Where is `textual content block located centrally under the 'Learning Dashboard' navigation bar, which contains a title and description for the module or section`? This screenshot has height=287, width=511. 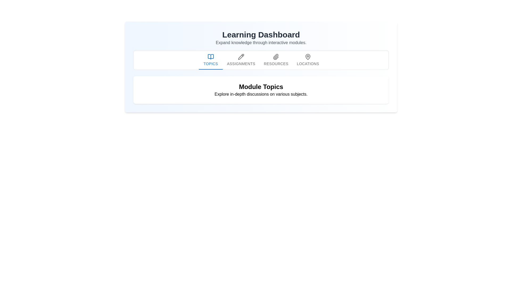
textual content block located centrally under the 'Learning Dashboard' navigation bar, which contains a title and description for the module or section is located at coordinates (261, 90).